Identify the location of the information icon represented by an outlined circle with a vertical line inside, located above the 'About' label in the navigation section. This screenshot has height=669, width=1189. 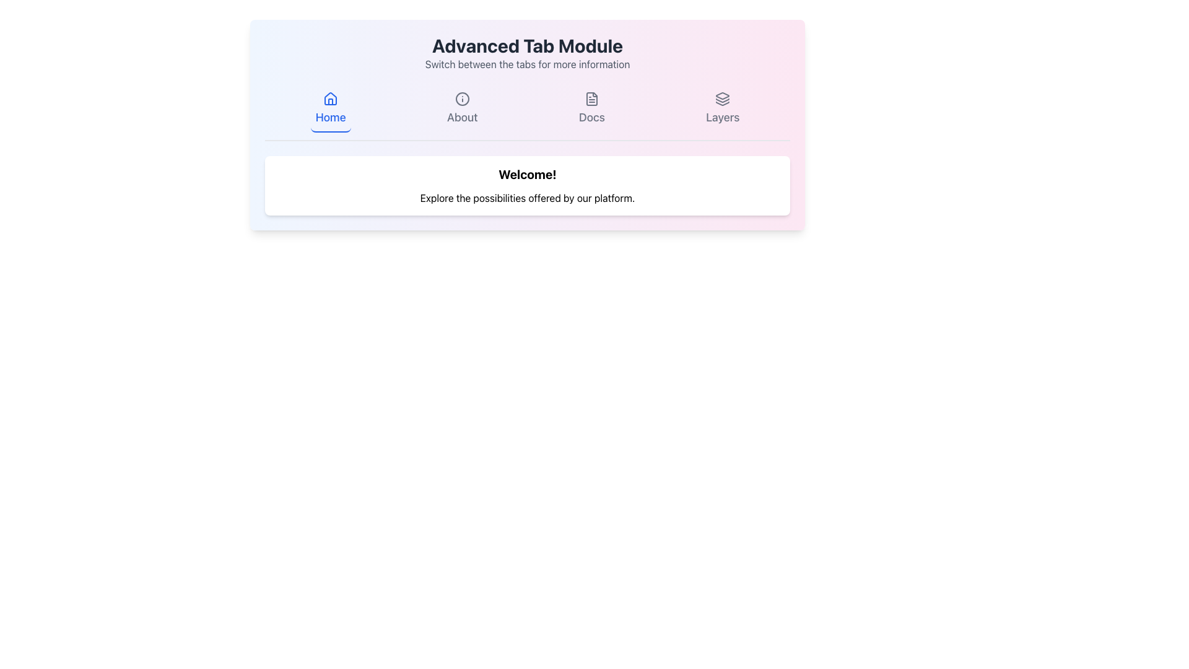
(461, 98).